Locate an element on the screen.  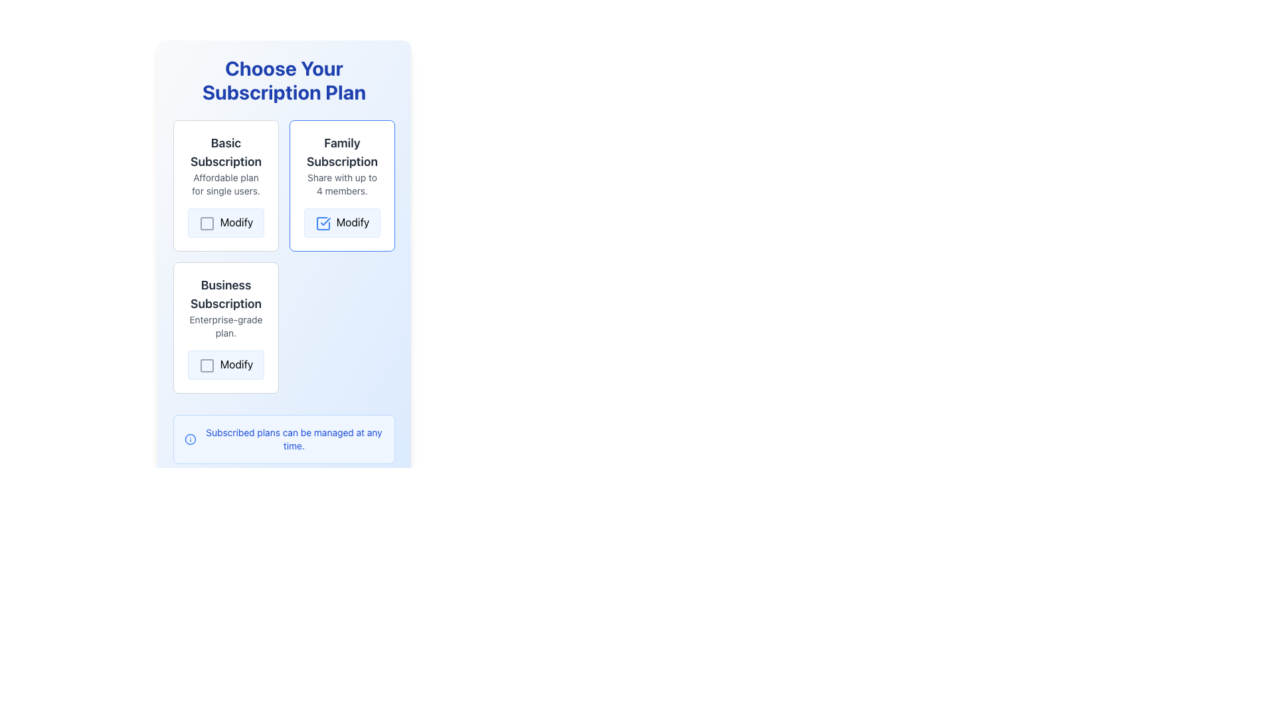
the informational banner with a light blue background and blue border that displays the text 'Subscribed plans can be managed at any time.' is located at coordinates (283, 438).